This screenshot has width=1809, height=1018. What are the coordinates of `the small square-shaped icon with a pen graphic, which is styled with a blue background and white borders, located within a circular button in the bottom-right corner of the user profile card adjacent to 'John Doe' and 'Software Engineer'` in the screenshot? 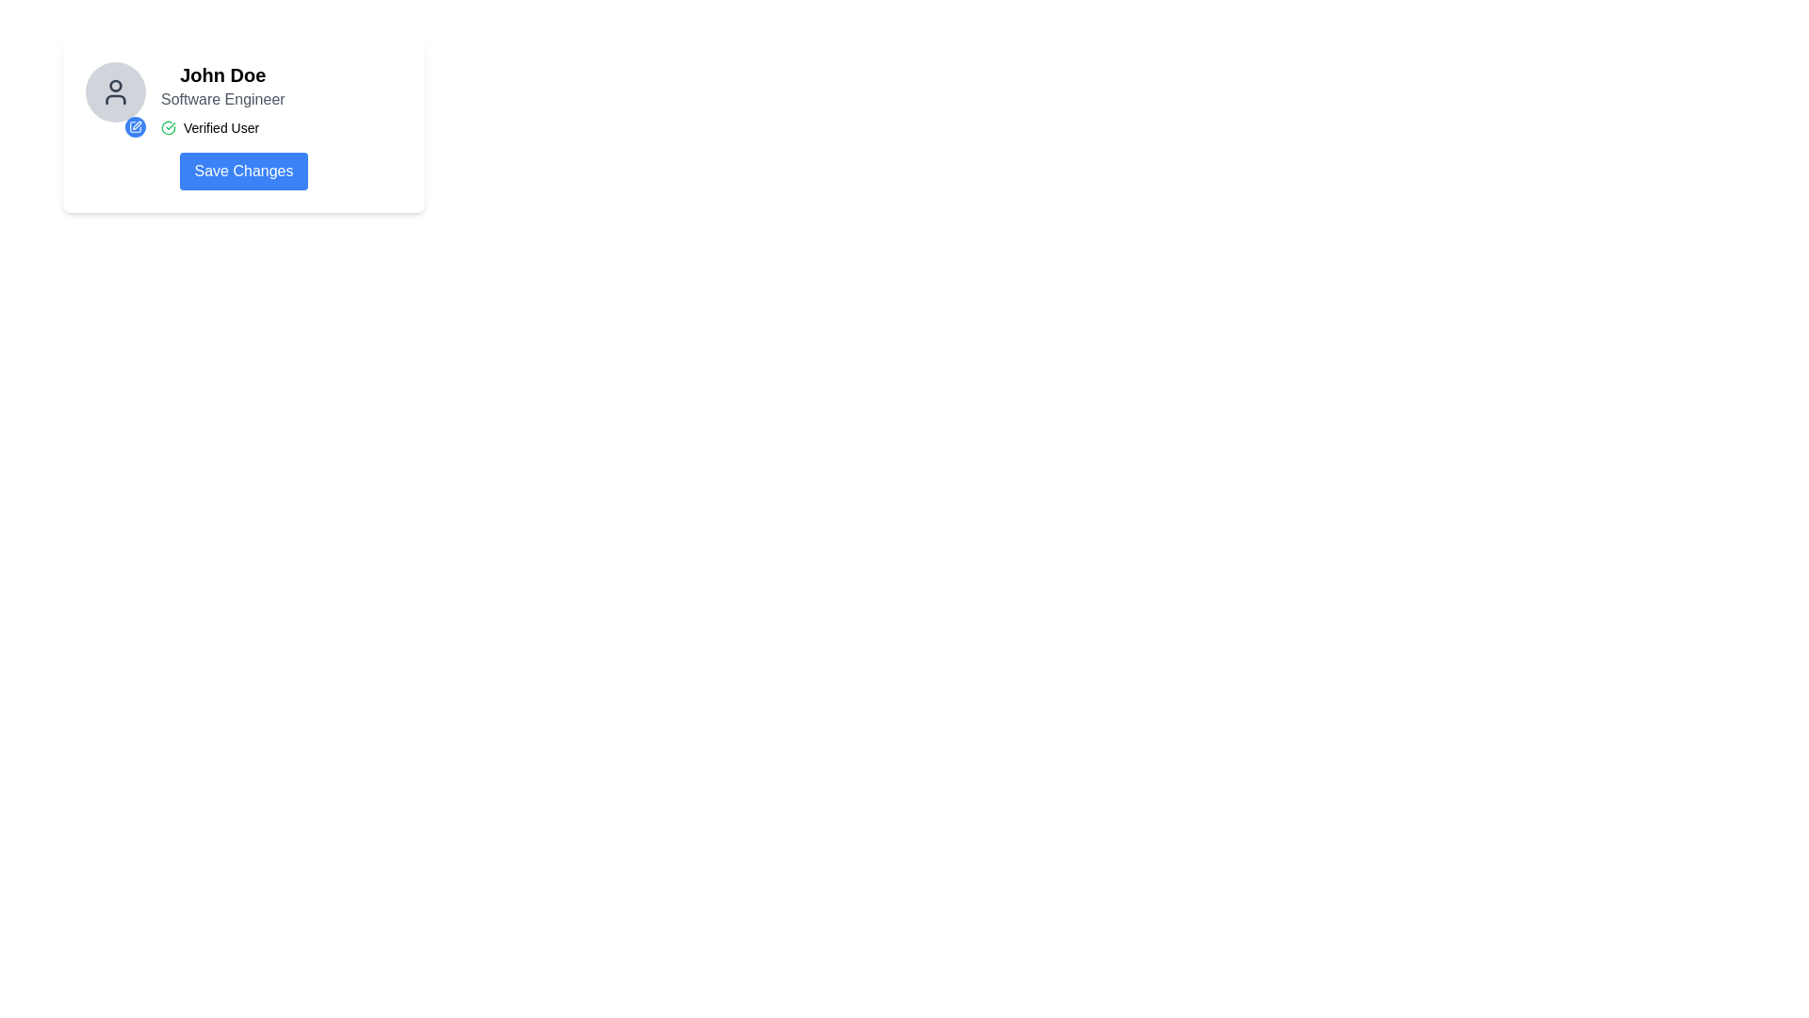 It's located at (135, 127).